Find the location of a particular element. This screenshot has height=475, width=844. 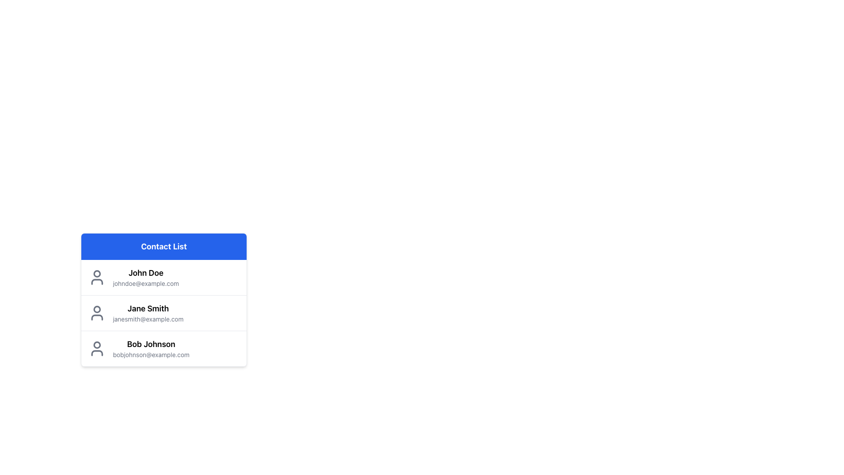

text content from the Text Display containing 'John Doe' and 'johndoe@example.com' under the 'Contact List' is located at coordinates (146, 278).